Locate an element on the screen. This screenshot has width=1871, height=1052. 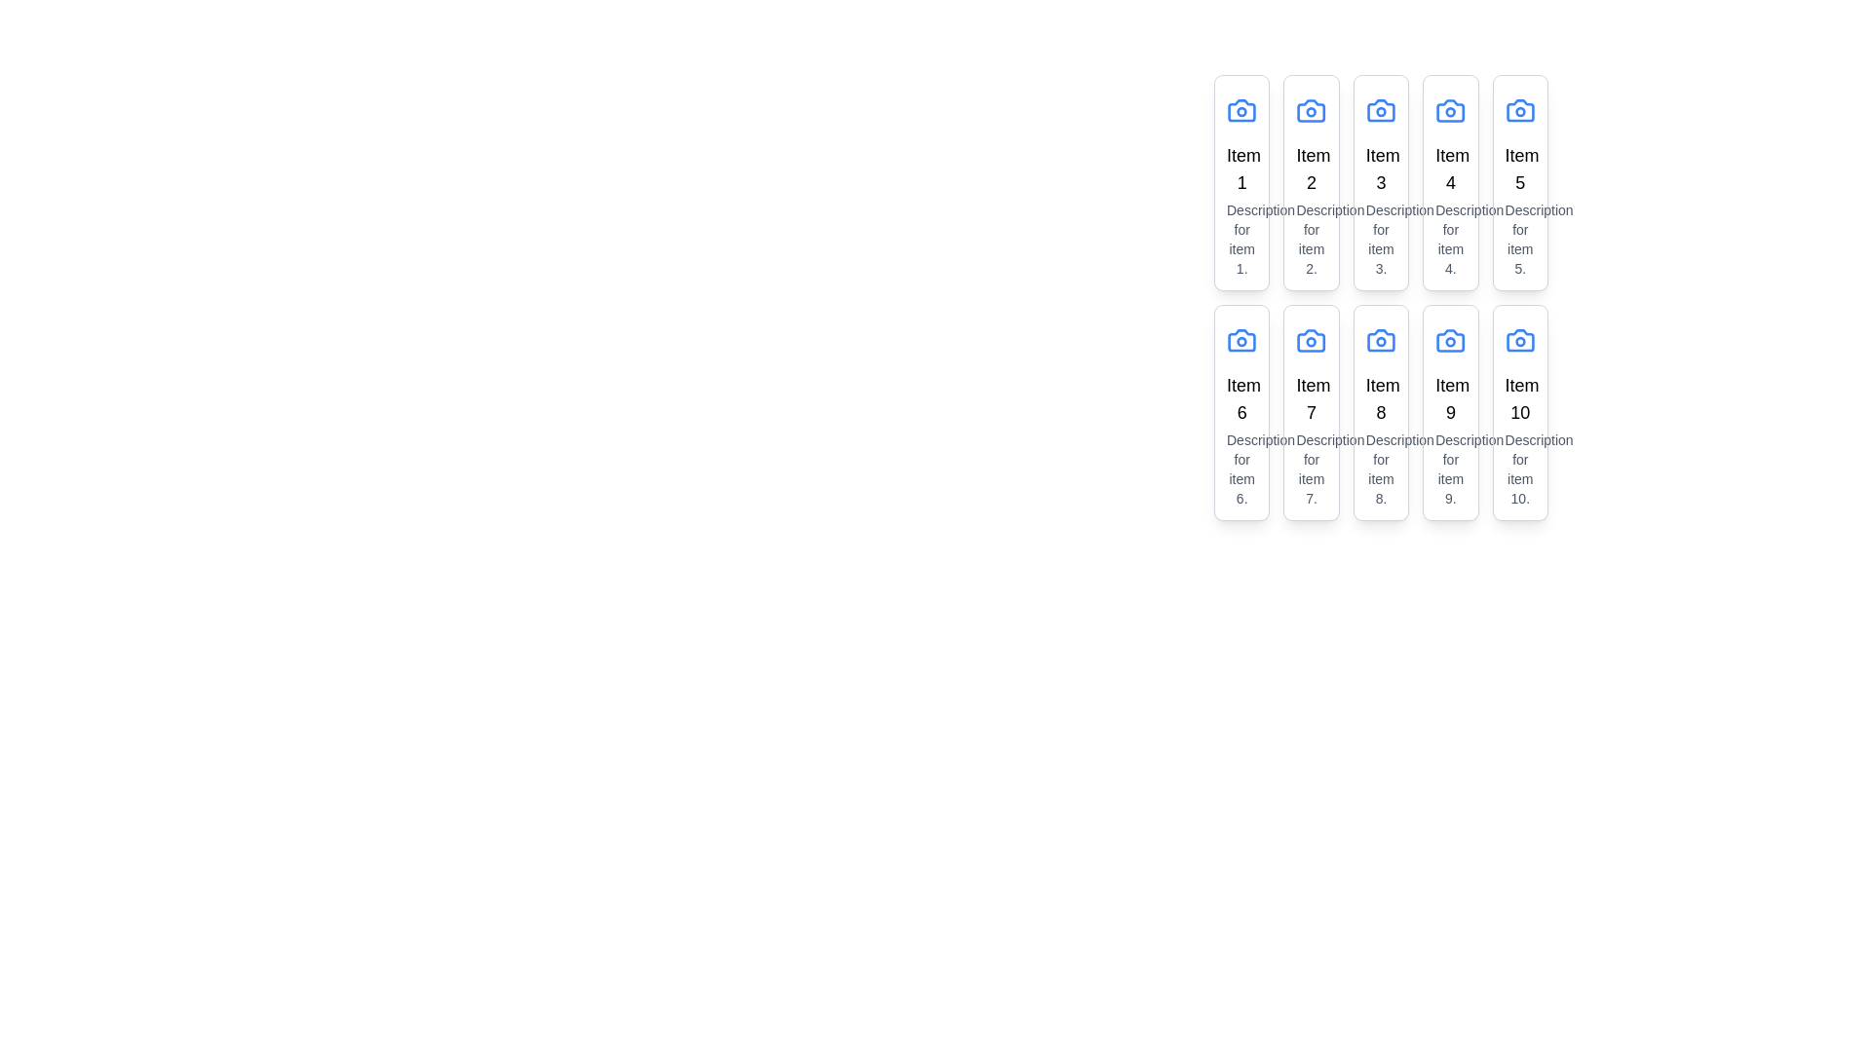
the text label displaying 'Description for item 1.' which is located below the title 'Item 1' in the first card of the grid layout is located at coordinates (1241, 239).